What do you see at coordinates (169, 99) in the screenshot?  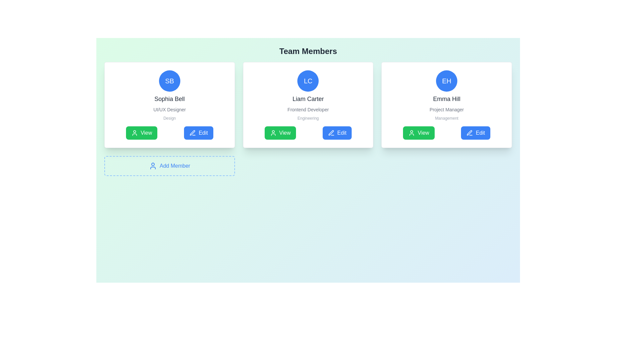 I see `the text label displaying 'Sophia Bell' in a large, bold font style, positioned centrally below the circular avatar and above the text 'UI/UX Designer'` at bounding box center [169, 99].